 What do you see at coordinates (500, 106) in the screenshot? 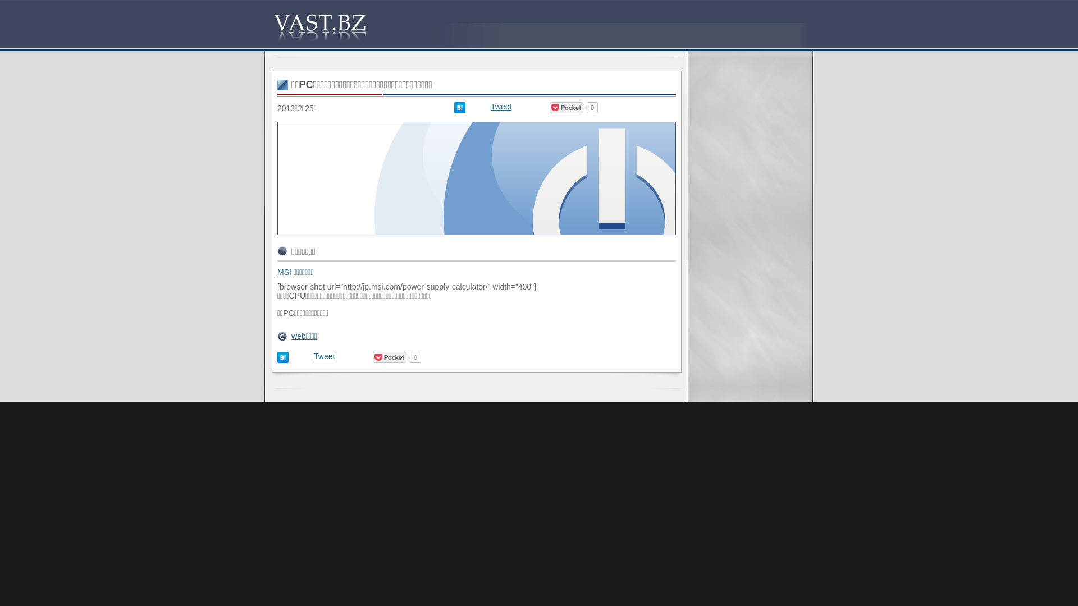
I see `'Tweet'` at bounding box center [500, 106].